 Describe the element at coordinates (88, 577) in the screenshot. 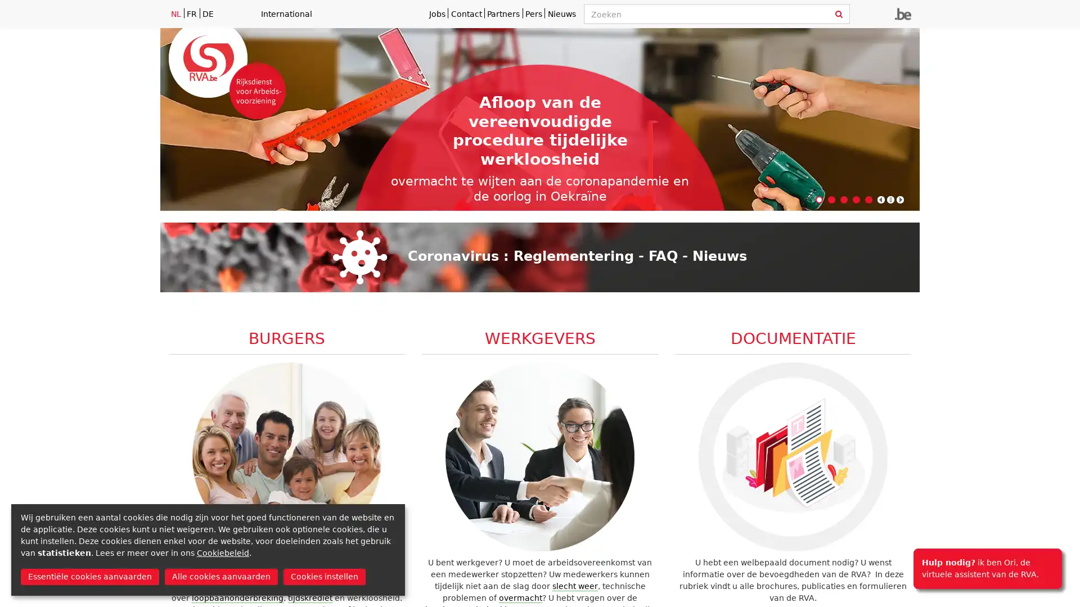

I see `Essentiele cookies aanvaarden` at that location.